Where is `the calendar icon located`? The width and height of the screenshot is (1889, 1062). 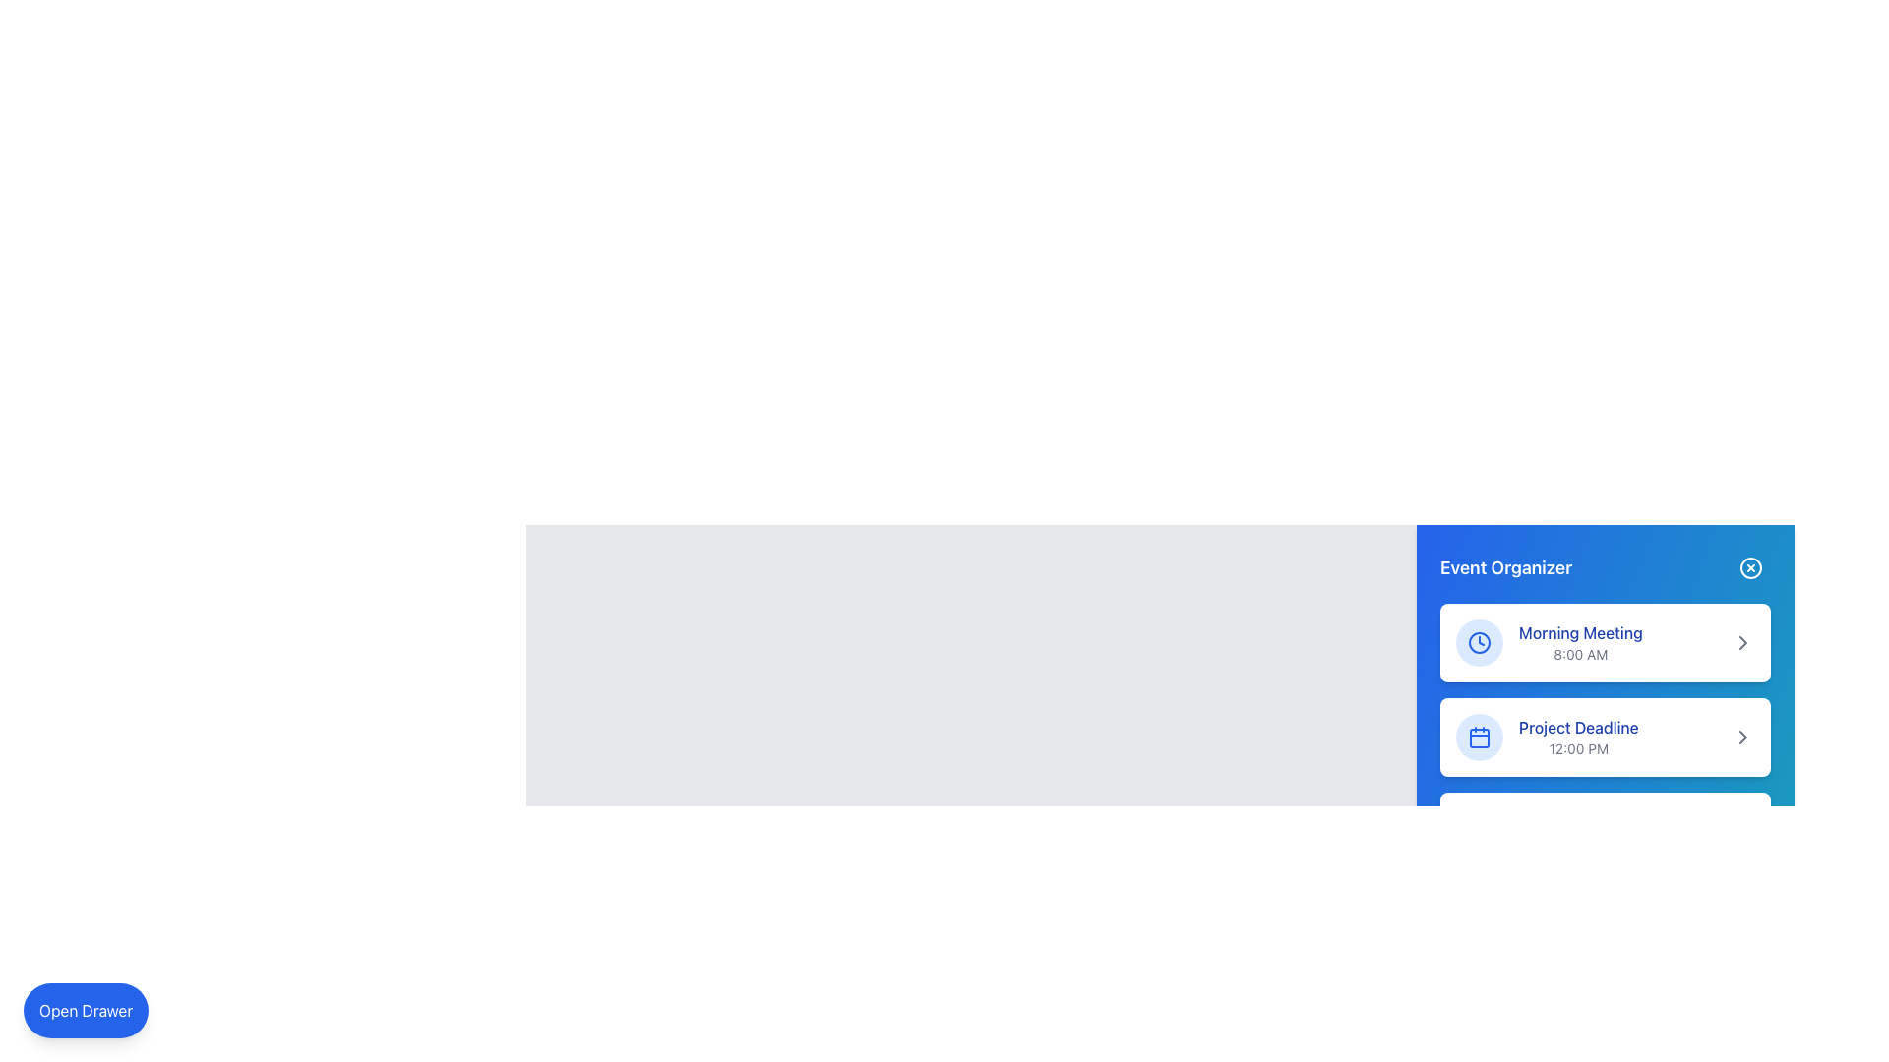 the calendar icon located is located at coordinates (1479, 738).